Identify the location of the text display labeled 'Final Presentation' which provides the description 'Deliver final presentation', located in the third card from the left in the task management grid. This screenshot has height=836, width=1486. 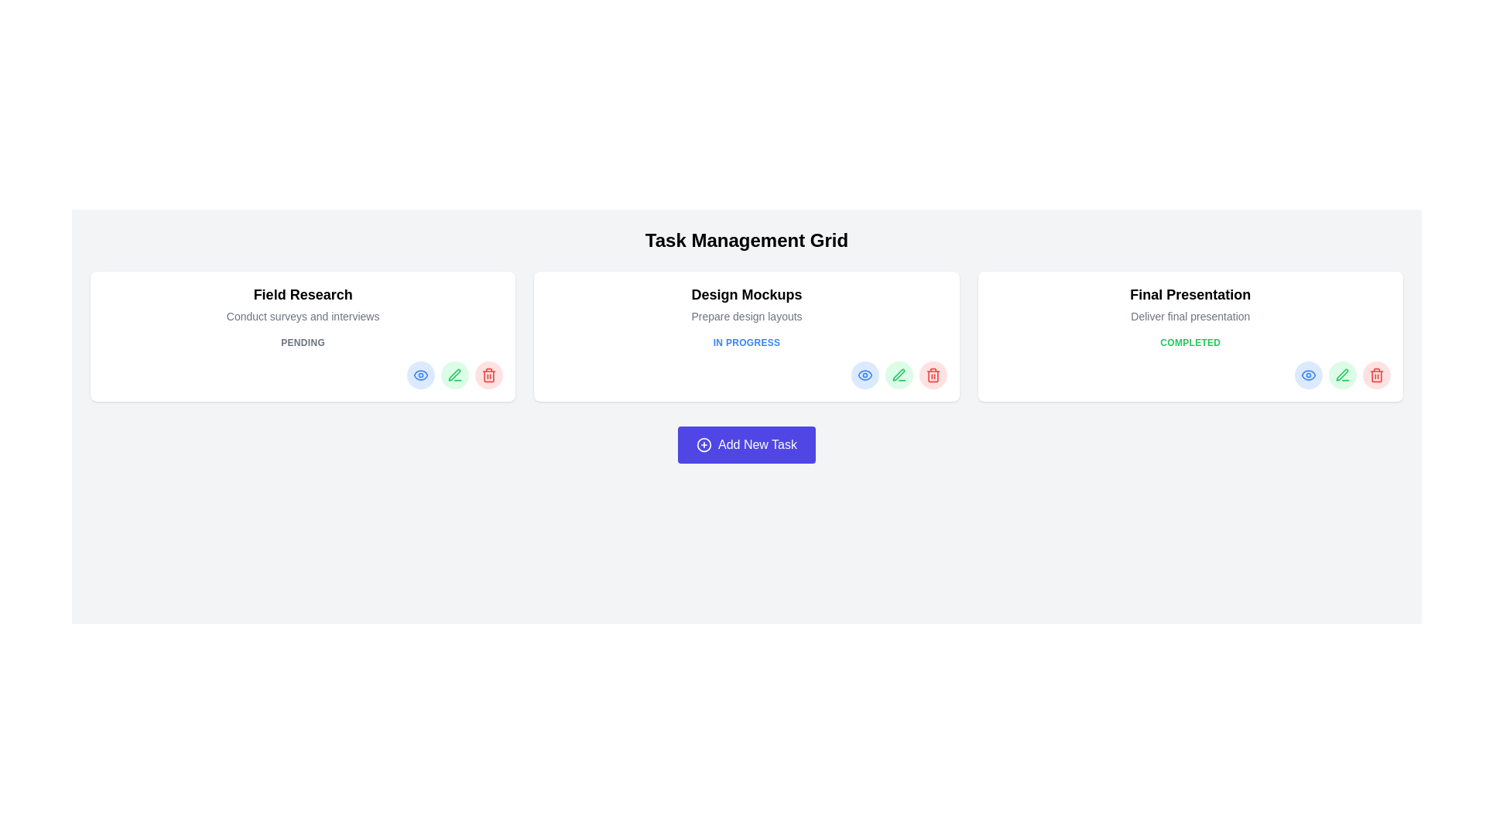
(1190, 304).